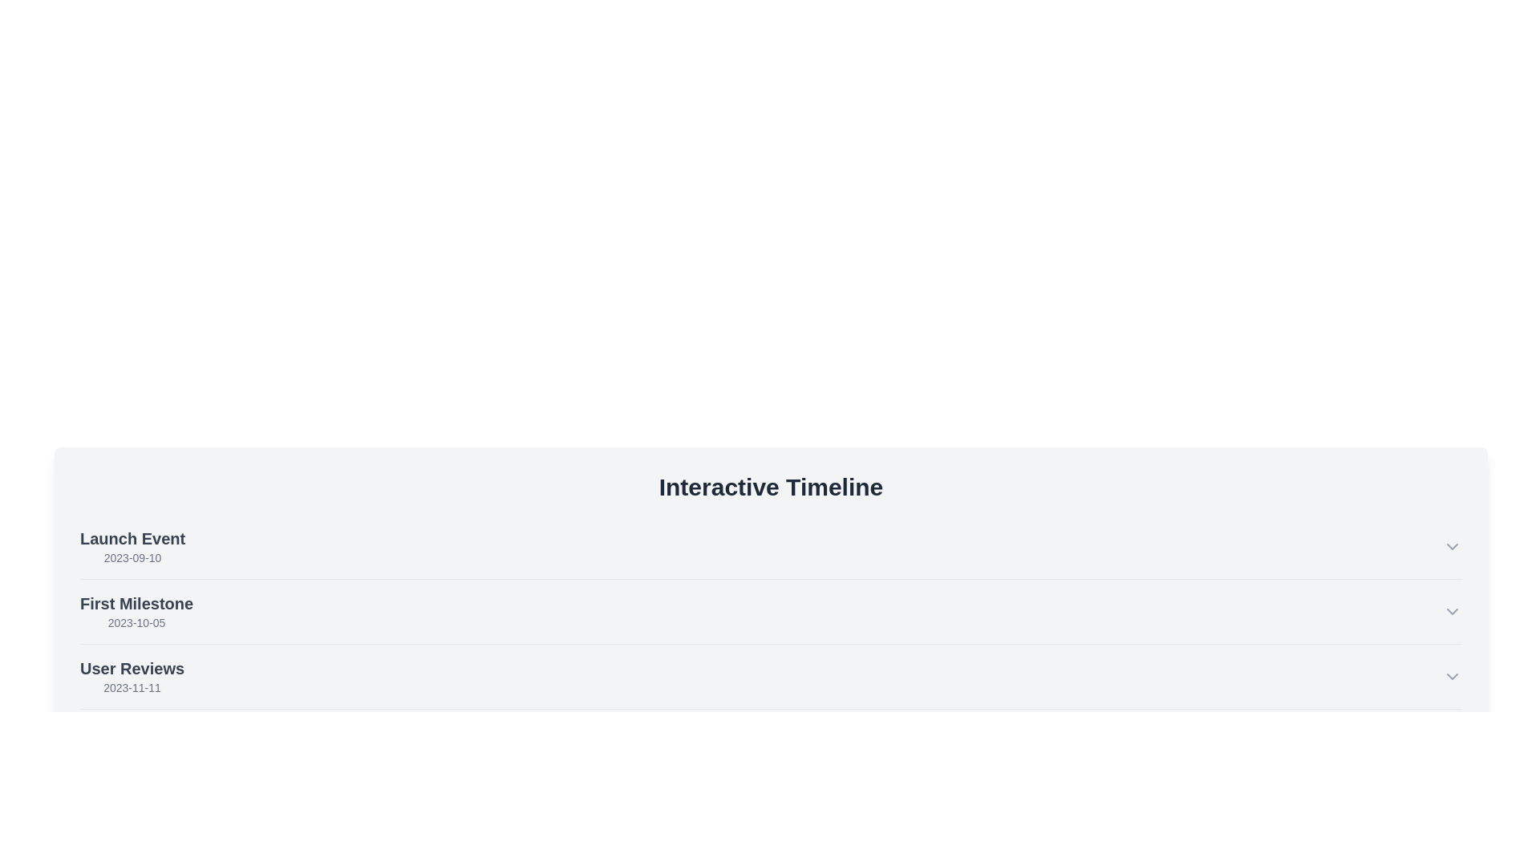 This screenshot has height=866, width=1540. Describe the element at coordinates (132, 556) in the screenshot. I see `the informational label showing the specific date for the 'Launch Event' entry in the timeline, which is located directly beneath the 'Launch Event' label` at that location.